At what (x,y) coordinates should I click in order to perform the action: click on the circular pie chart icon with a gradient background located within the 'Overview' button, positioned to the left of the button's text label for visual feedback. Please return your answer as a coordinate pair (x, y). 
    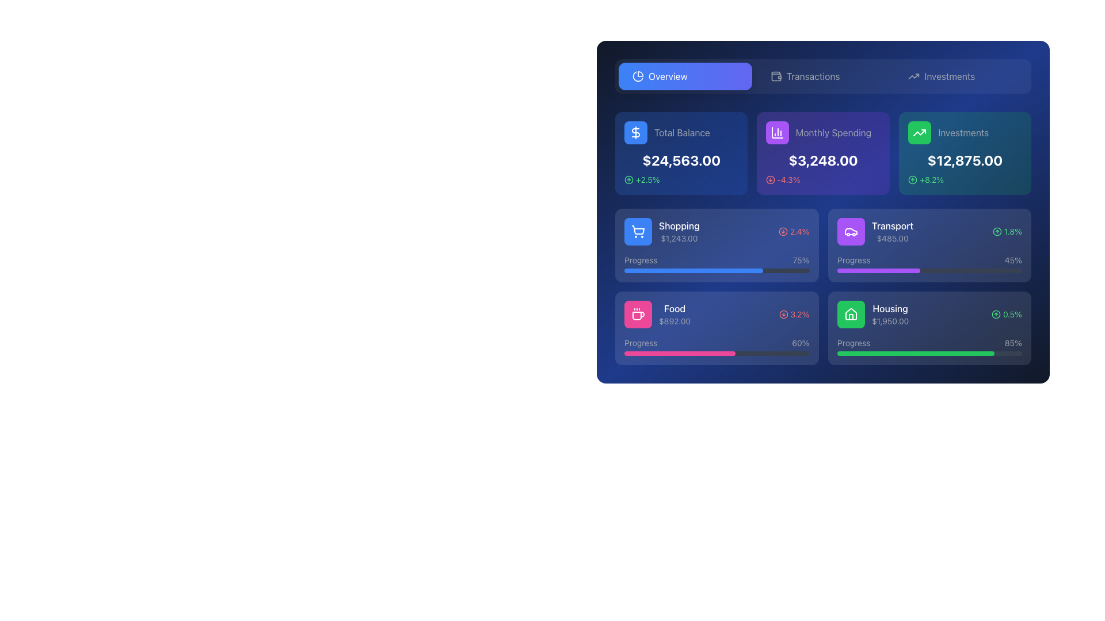
    Looking at the image, I should click on (637, 76).